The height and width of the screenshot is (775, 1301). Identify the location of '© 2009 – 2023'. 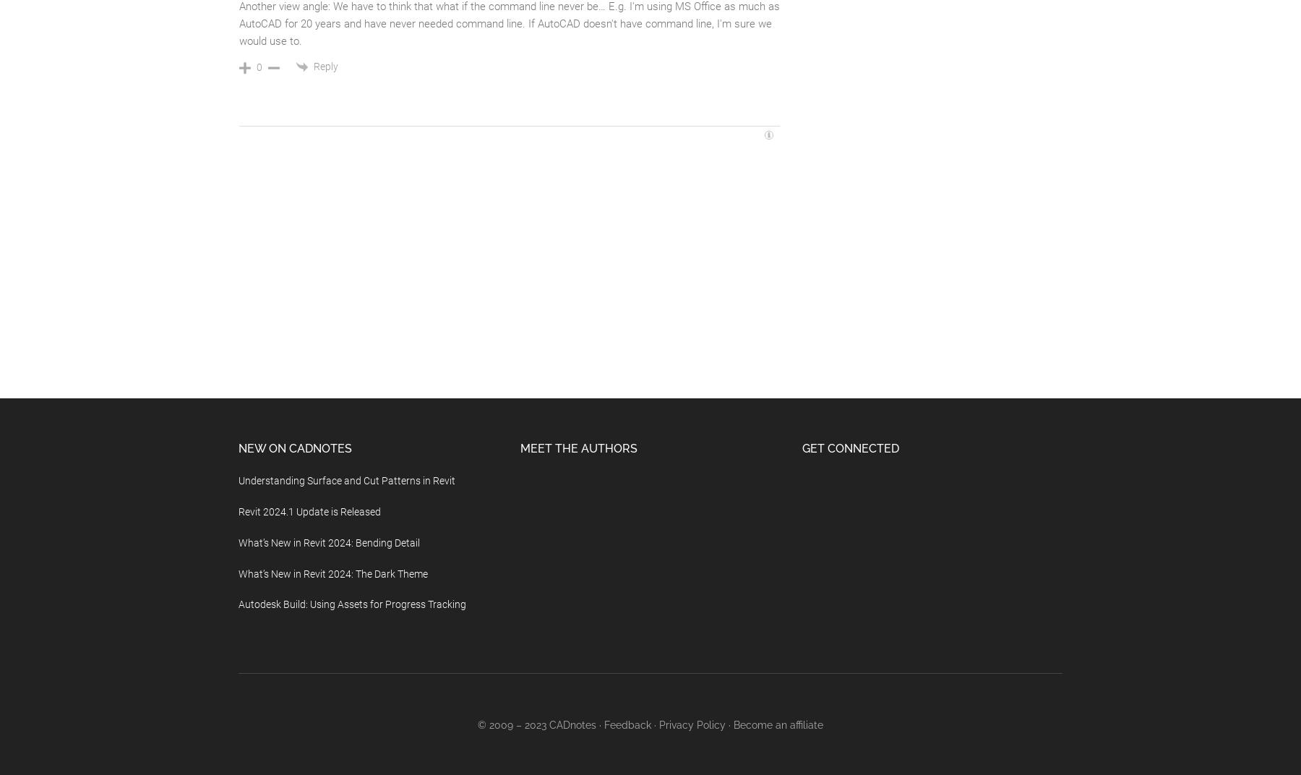
(512, 724).